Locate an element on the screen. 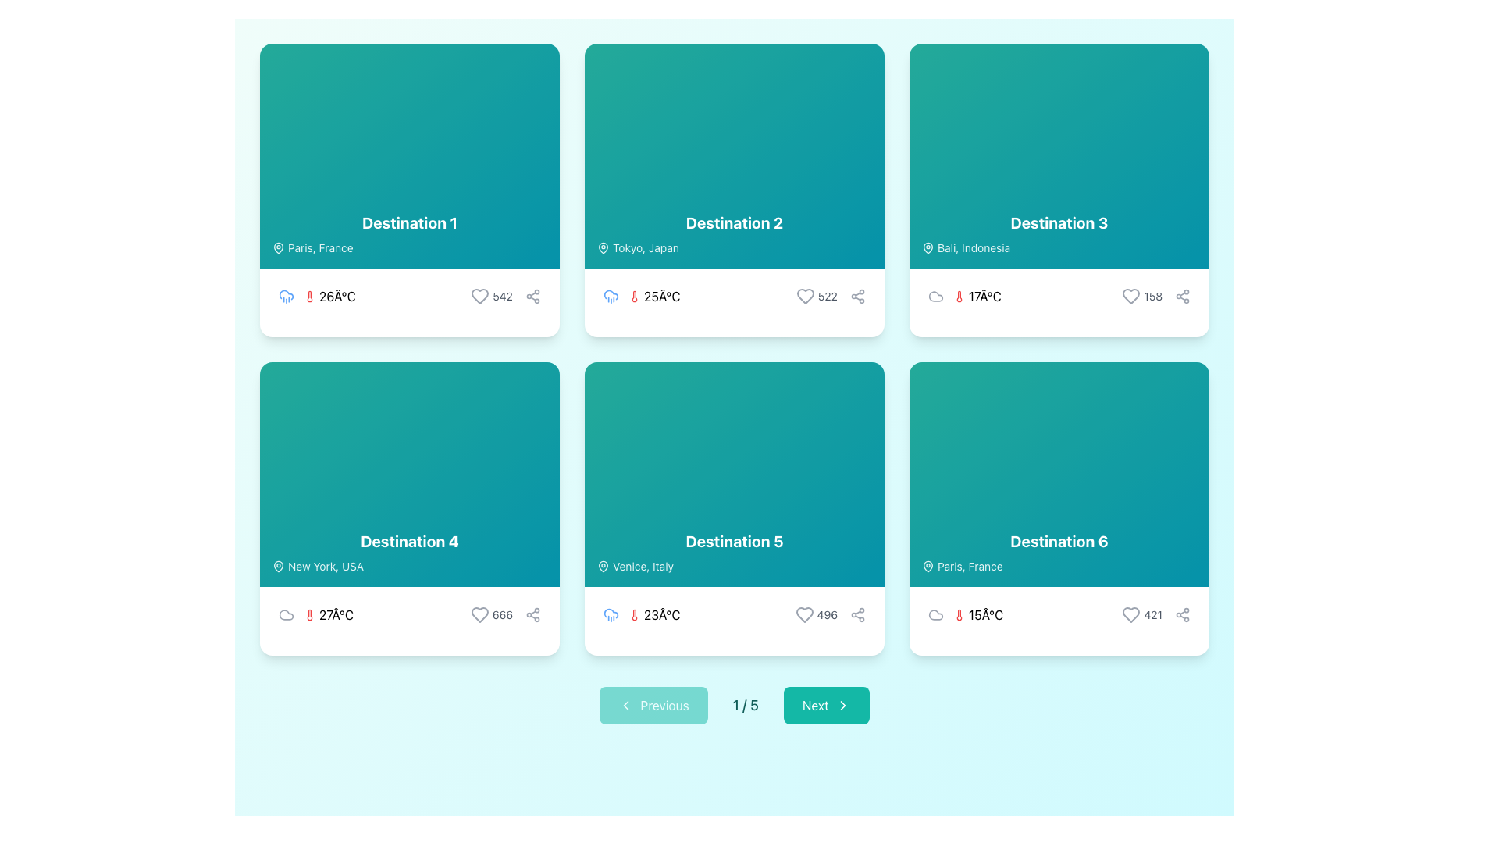 The height and width of the screenshot is (843, 1499). the rainy weather icon located in the top-left quadrant of the grid layout, positioned to the left of the temperature text ('26°C') and above the thermometer icon is located at coordinates (286, 297).